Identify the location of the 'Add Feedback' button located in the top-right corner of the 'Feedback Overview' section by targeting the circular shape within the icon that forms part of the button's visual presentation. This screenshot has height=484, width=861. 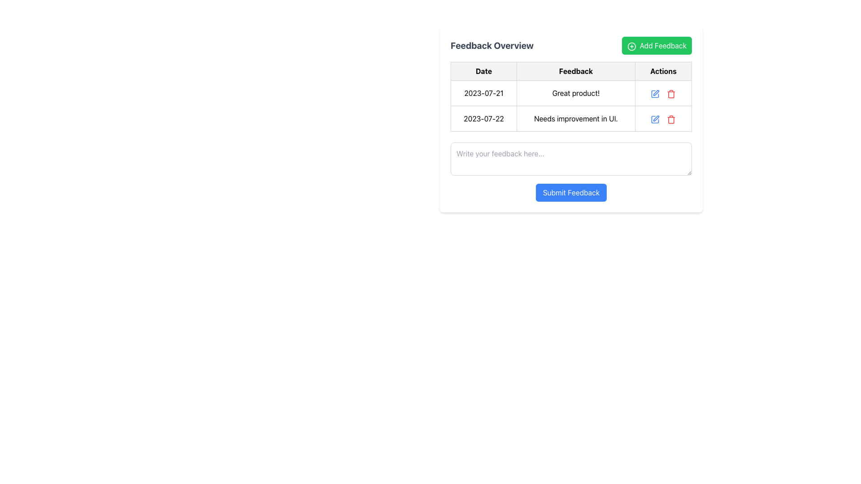
(631, 46).